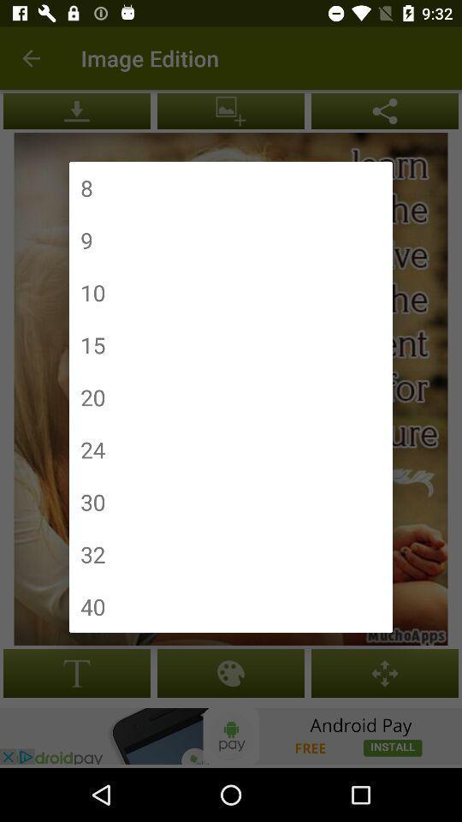 Image resolution: width=462 pixels, height=822 pixels. I want to click on the icon above 9 icon, so click(86, 188).